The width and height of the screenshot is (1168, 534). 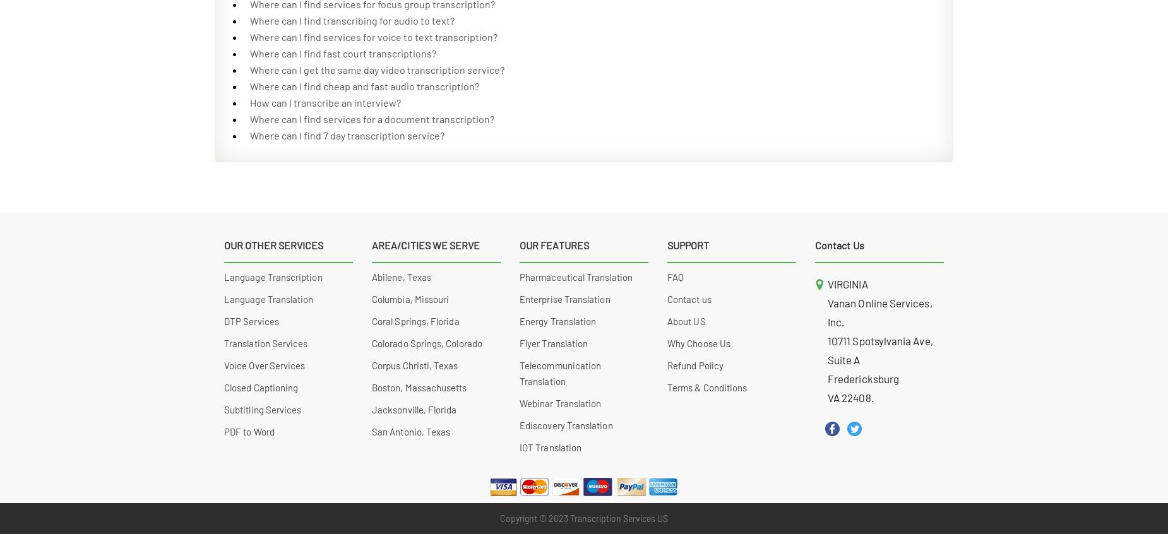 I want to click on 'Where can I find transcribing for audio to text?', so click(x=249, y=20).